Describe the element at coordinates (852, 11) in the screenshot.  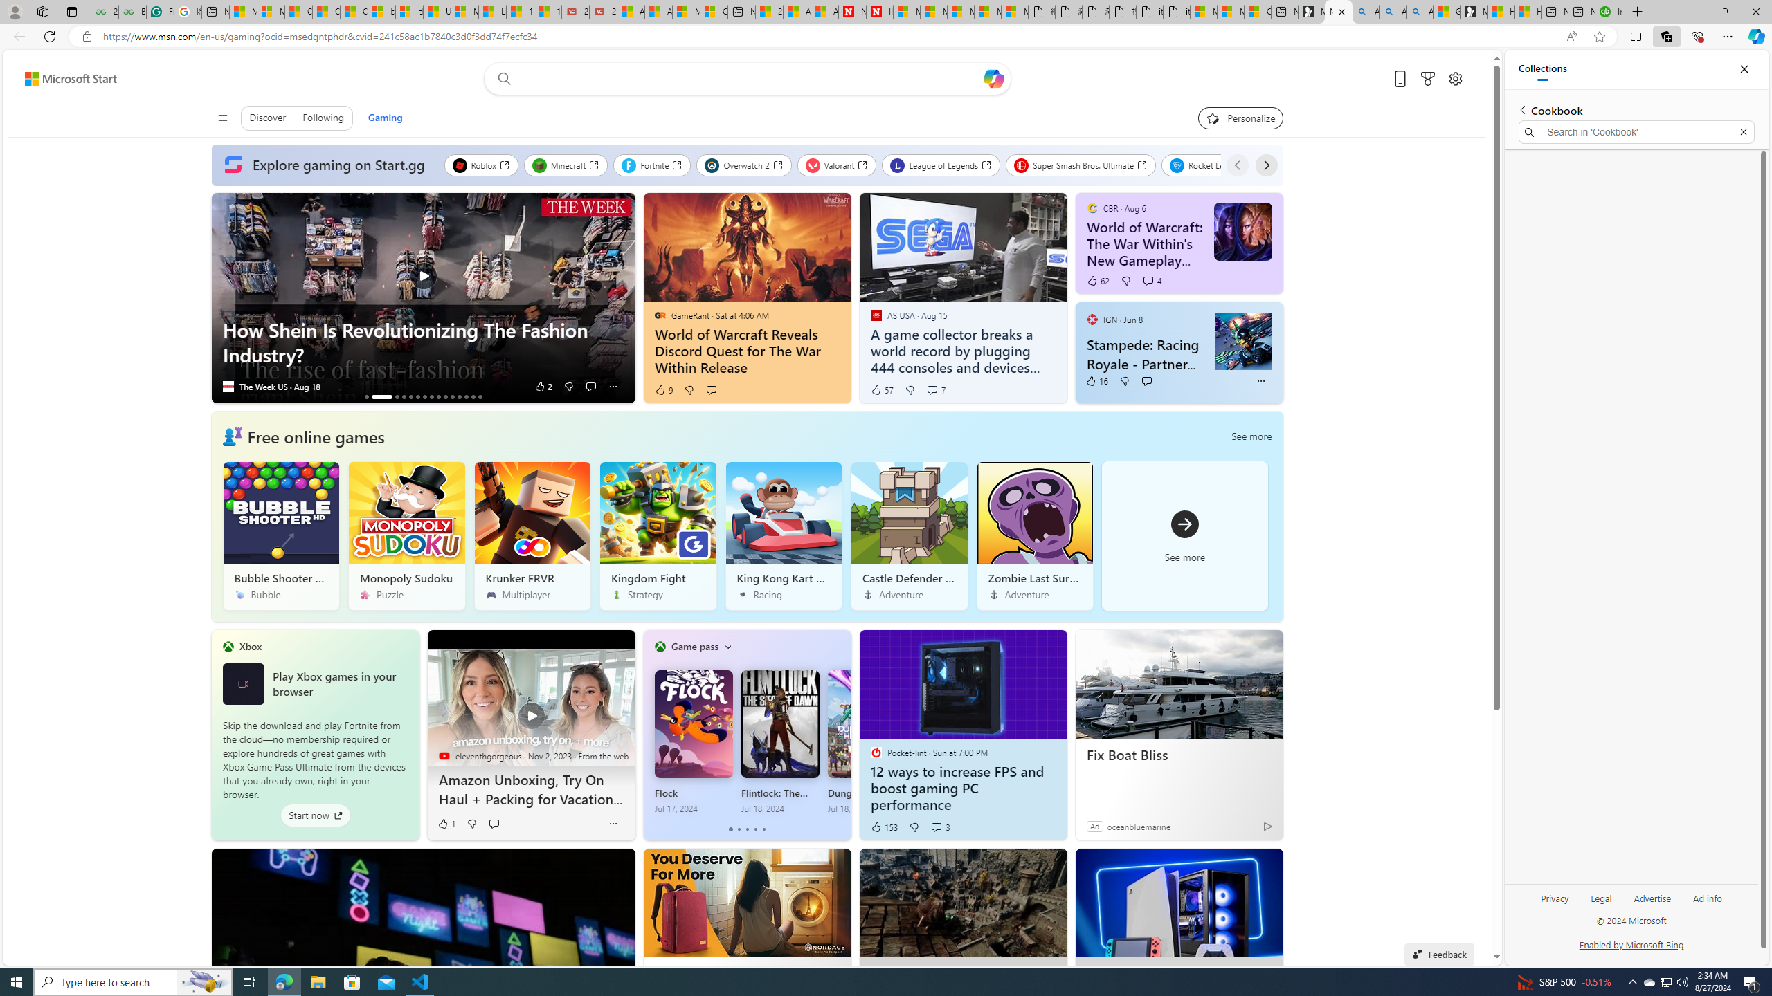
I see `'Newsweek - News, Analysis, Politics, Business, Technology'` at that location.